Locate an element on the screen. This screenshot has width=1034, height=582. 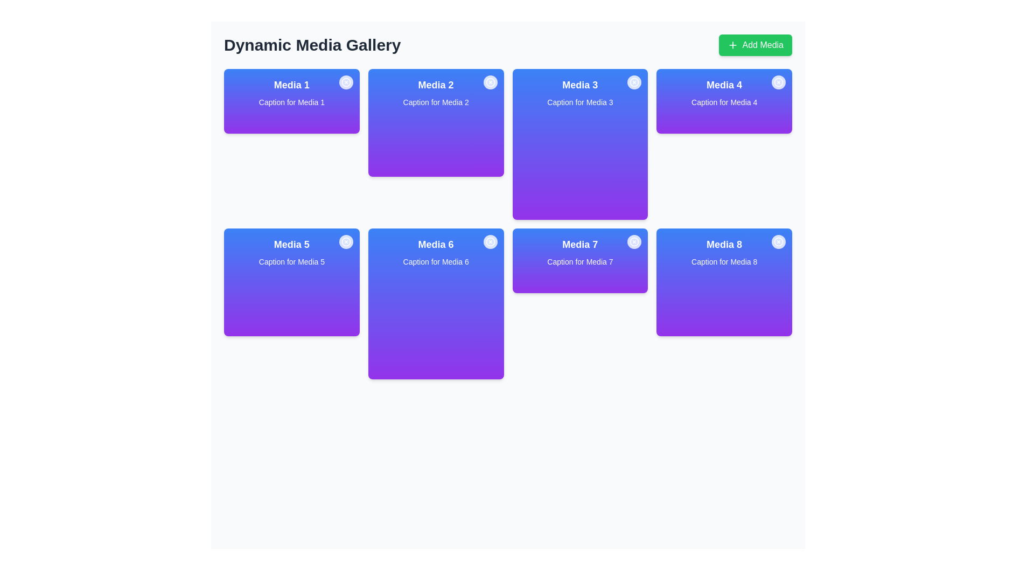
the circular button with a white background and an 'X' icon in the center, located at the top-right corner of the 'Media 3' card is located at coordinates (634, 82).